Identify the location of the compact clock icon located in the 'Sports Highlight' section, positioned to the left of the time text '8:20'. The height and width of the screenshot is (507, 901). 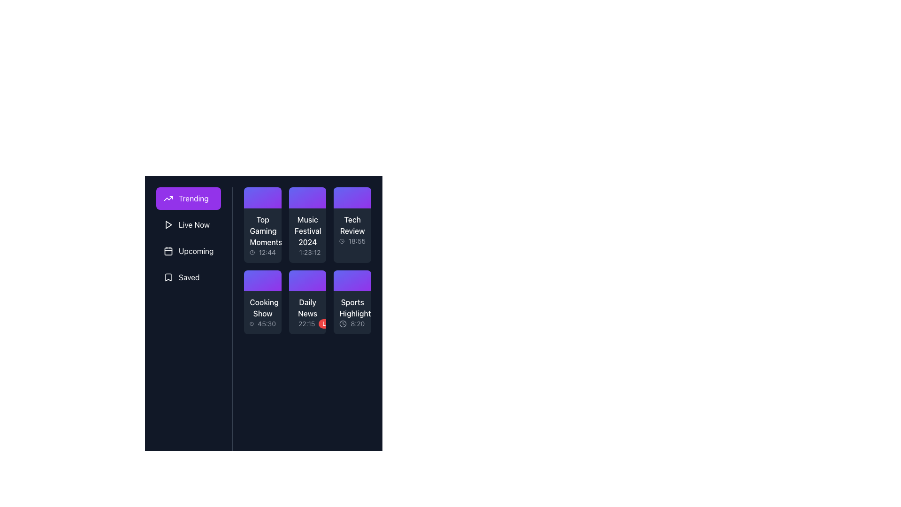
(343, 323).